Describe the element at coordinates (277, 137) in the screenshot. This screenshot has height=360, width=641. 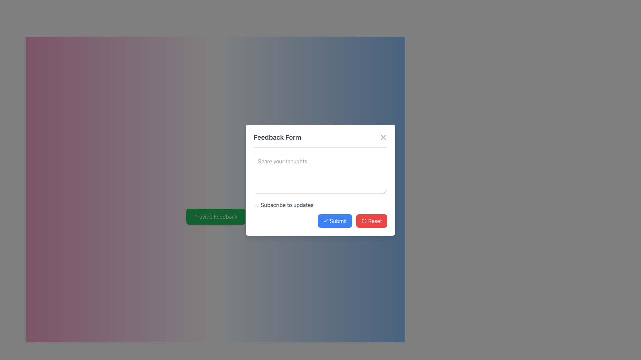
I see `the 'Feedback Form' text label, which is styled in a prominent, bold, large dark gray font at the top-left corner of the popup form interface, positioned to the left of the close button` at that location.